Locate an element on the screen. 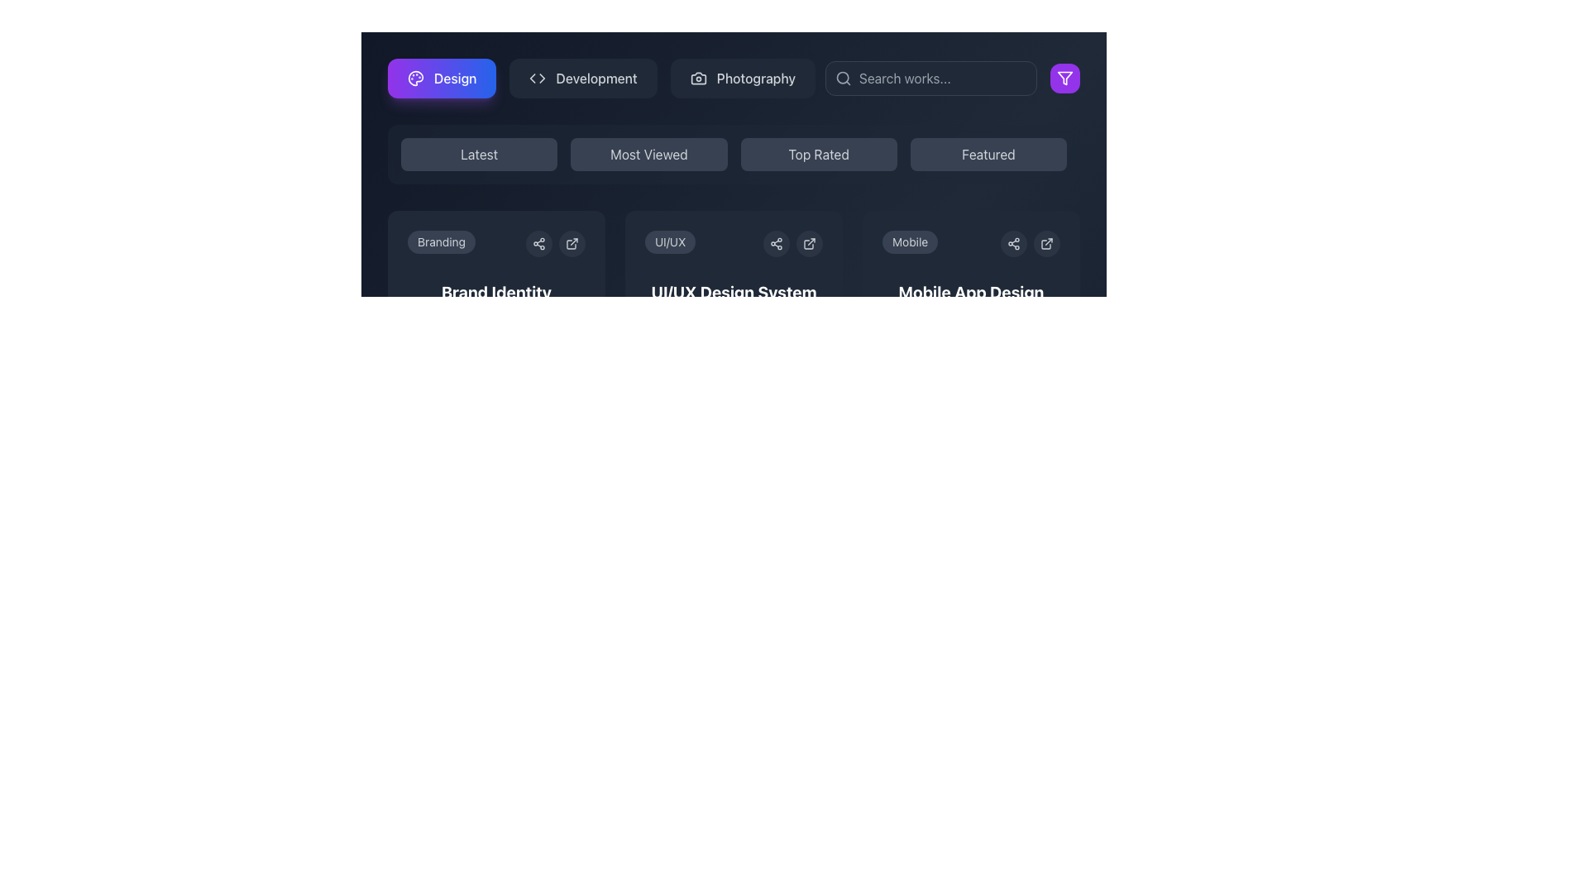 The width and height of the screenshot is (1588, 893). the 'Featured' navigation button located on the far right of a horizontal group of buttons, which includes 'Latest', 'Most Viewed', and 'Top Rated', to trigger a hover effect is located at coordinates (988, 154).